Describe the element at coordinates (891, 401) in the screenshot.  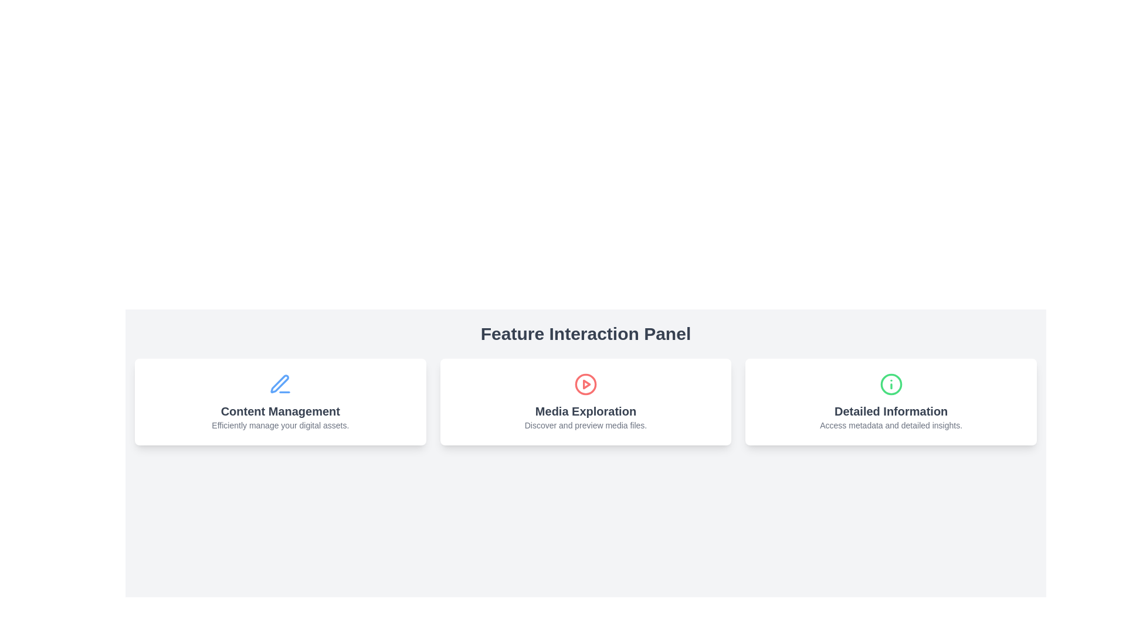
I see `the Information Card, which has a white background, rounded corners, a green icon at the top, and bold text reading 'Detailed Information'` at that location.